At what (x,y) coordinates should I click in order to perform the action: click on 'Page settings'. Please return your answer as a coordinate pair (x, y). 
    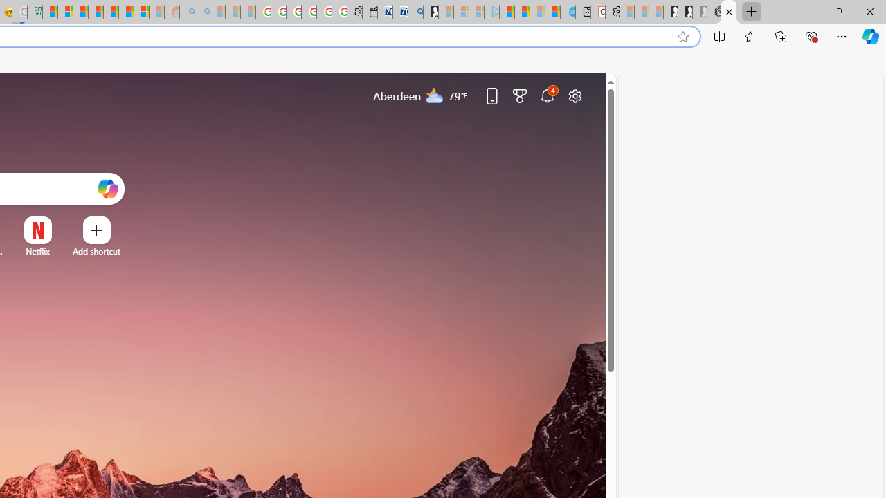
    Looking at the image, I should click on (575, 95).